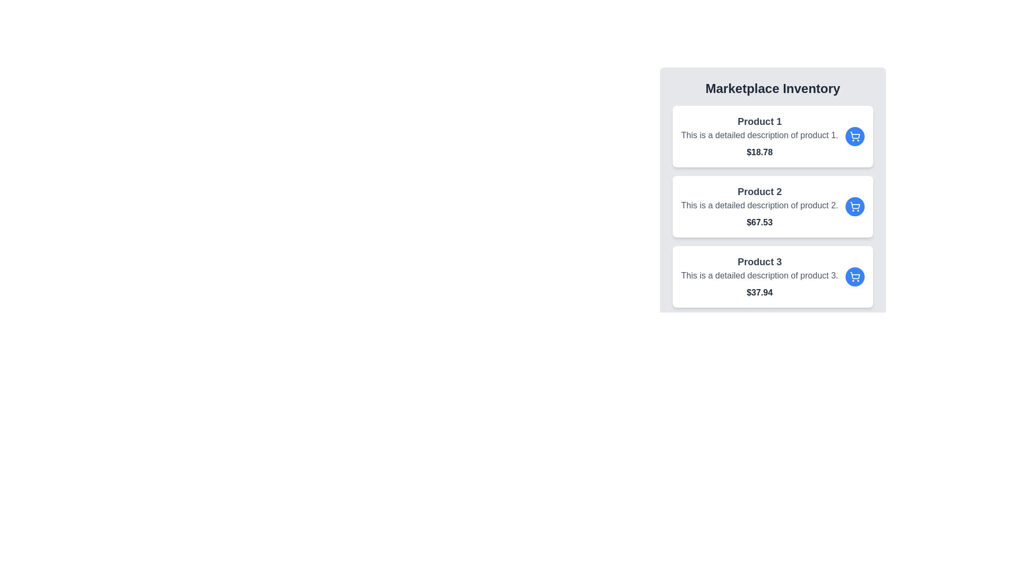 The height and width of the screenshot is (574, 1021). What do you see at coordinates (855, 207) in the screenshot?
I see `the circular blue button with a shopping cart icon located at the right-end of the card for 'Product 2'` at bounding box center [855, 207].